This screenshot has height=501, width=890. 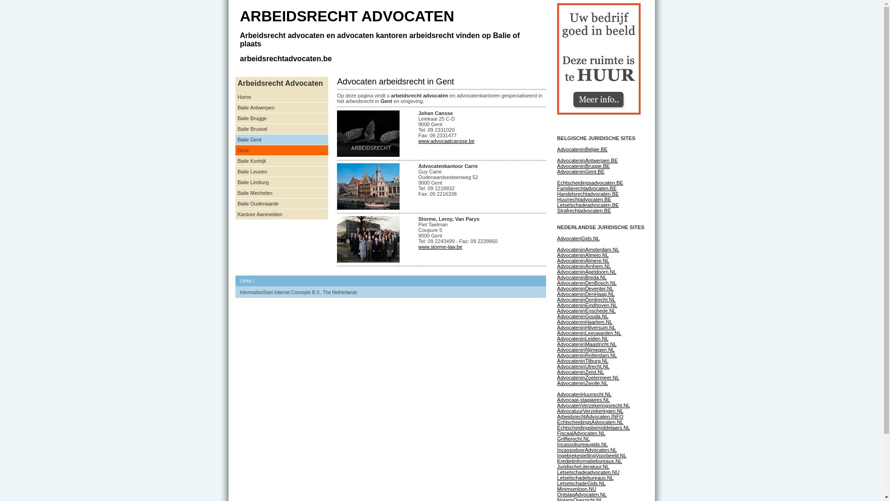 What do you see at coordinates (589, 182) in the screenshot?
I see `'Echtscheidingsadvocaten.BE'` at bounding box center [589, 182].